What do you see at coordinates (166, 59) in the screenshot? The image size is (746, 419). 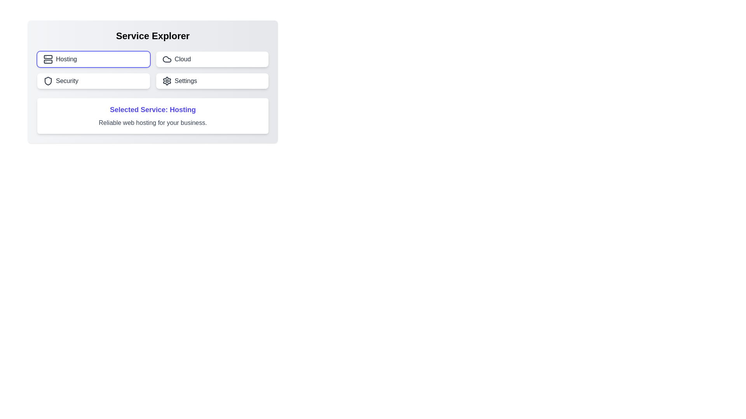 I see `the rounded rectangle button labeled 'Cloud' that contains a stylized cloud icon on its left side` at bounding box center [166, 59].